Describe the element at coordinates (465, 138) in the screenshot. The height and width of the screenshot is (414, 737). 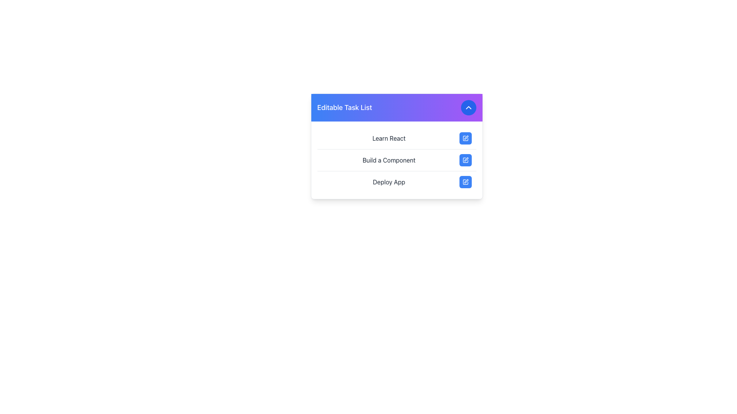
I see `the small square button with a blue background and a white pen icon located to the right of the 'Learn React' text in the 'Editable Task List'` at that location.